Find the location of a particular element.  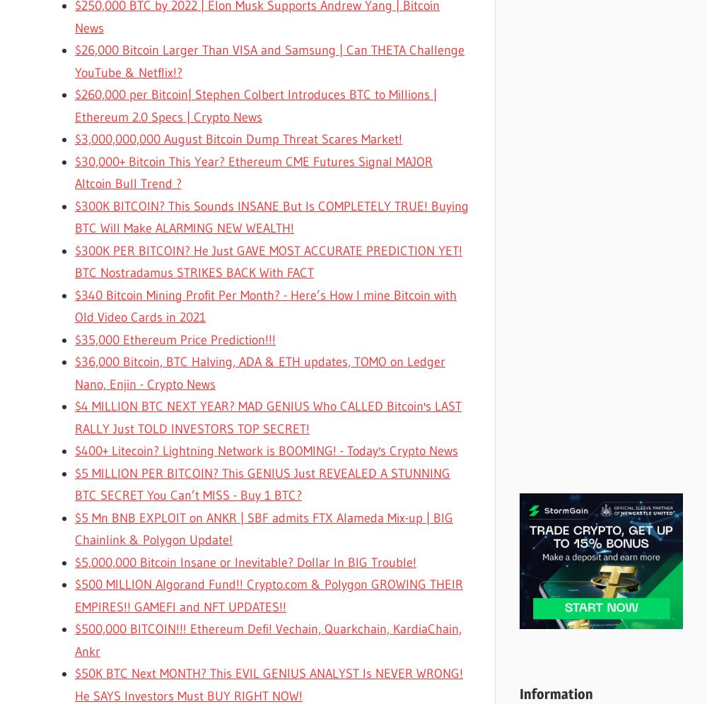

'$300K BITCOIN? This Sounds INSANE But Is COMPLETELY TRUE! Buying BTC Will Make ALARMING NEW WEALTH!' is located at coordinates (271, 216).